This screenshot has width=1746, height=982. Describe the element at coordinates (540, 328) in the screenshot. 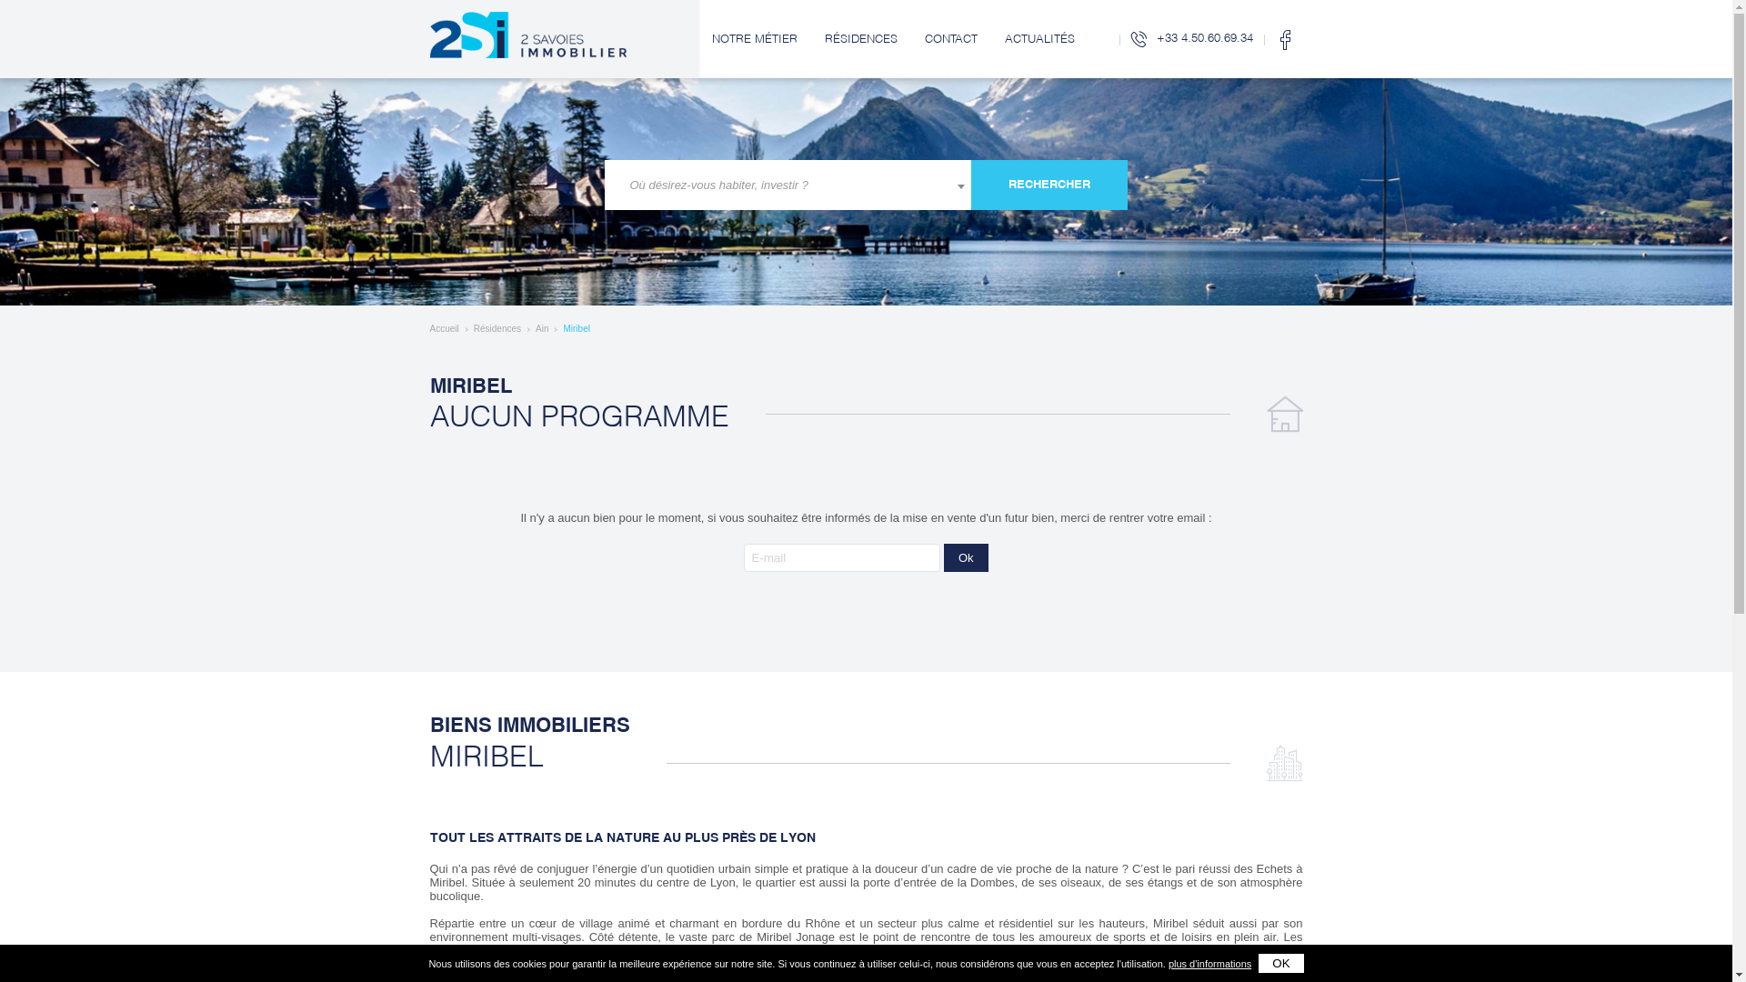

I see `'Ain'` at that location.